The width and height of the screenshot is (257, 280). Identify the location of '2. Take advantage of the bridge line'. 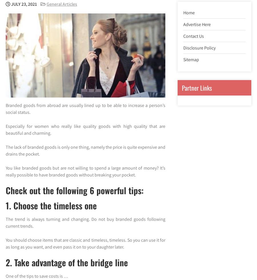
(5, 262).